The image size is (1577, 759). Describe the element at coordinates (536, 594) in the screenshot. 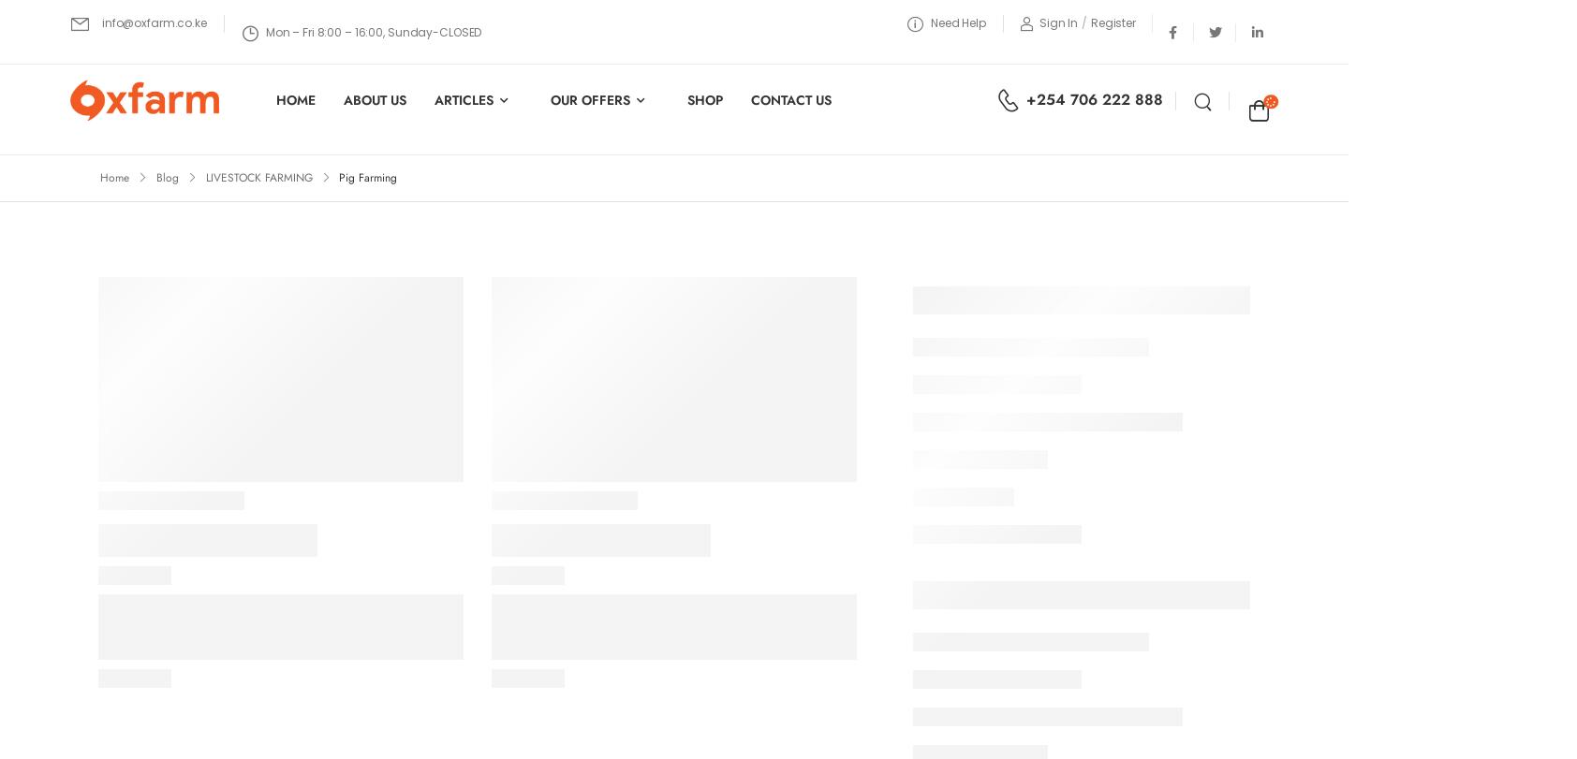

I see `'Payment Methods'` at that location.